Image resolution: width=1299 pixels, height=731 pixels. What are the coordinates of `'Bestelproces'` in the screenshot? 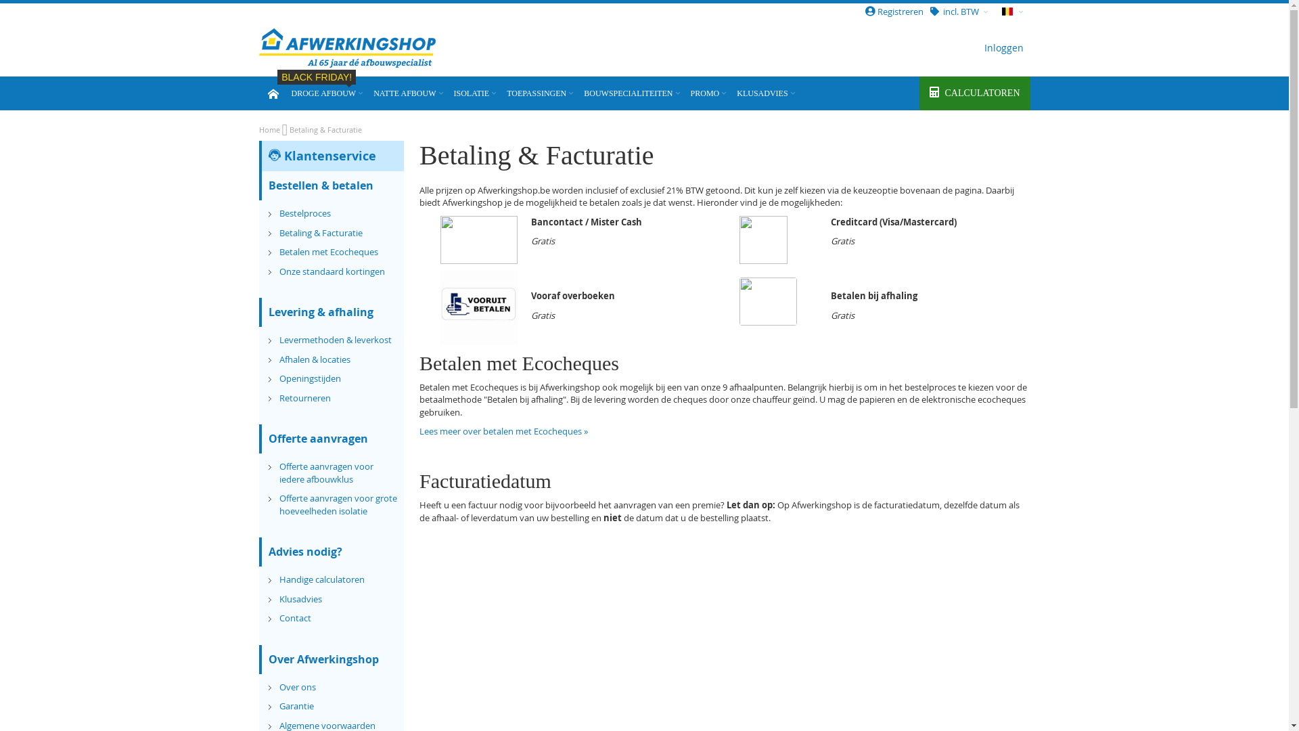 It's located at (304, 213).